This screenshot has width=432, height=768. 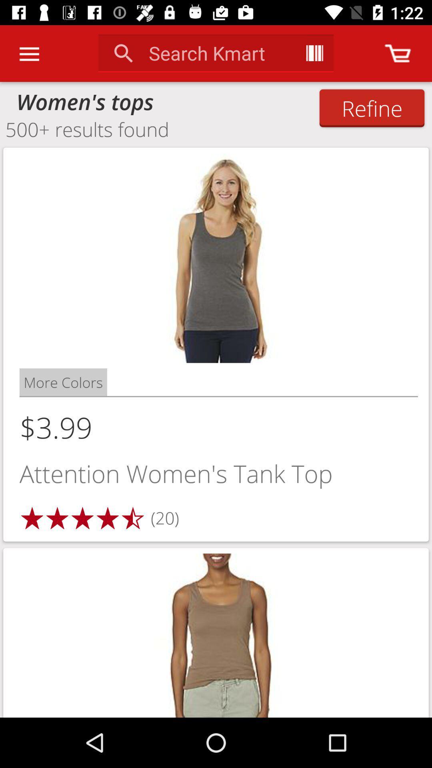 I want to click on the app next to the search kmart icon, so click(x=314, y=53).